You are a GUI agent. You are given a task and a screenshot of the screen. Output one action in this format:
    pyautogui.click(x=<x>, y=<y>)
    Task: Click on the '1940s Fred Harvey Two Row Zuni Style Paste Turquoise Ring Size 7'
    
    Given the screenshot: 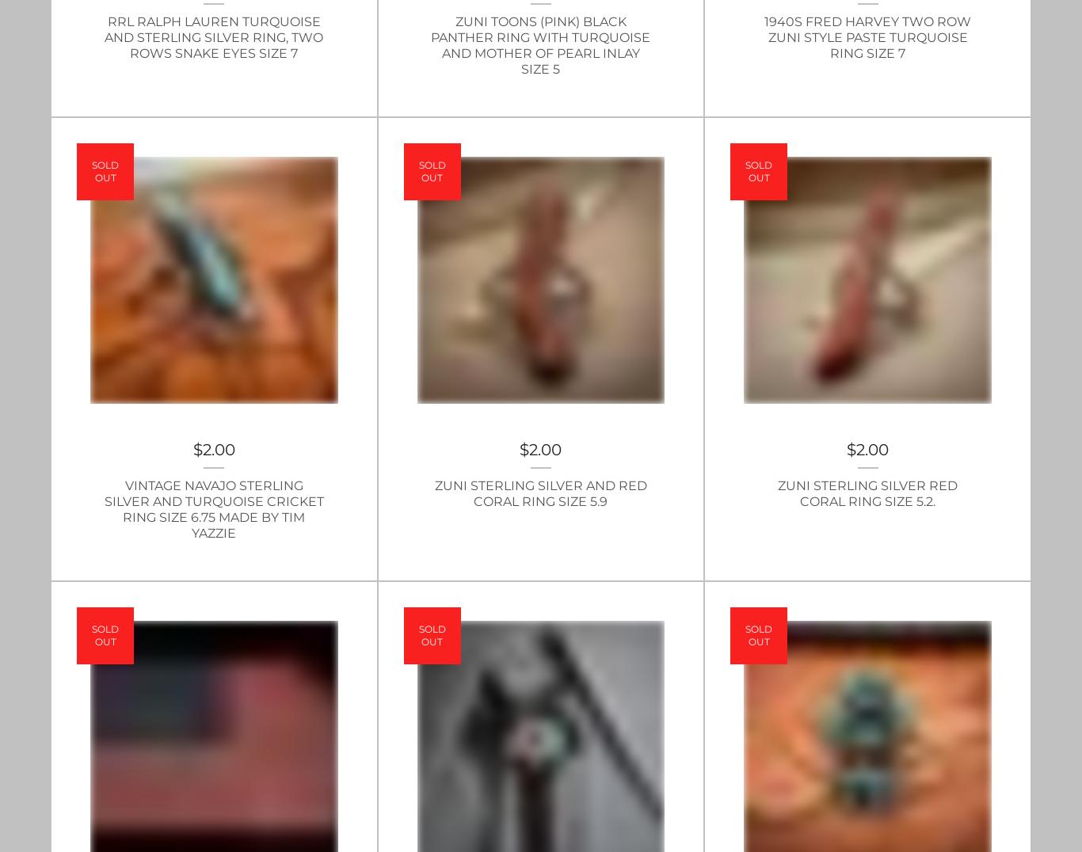 What is the action you would take?
    pyautogui.click(x=867, y=36)
    